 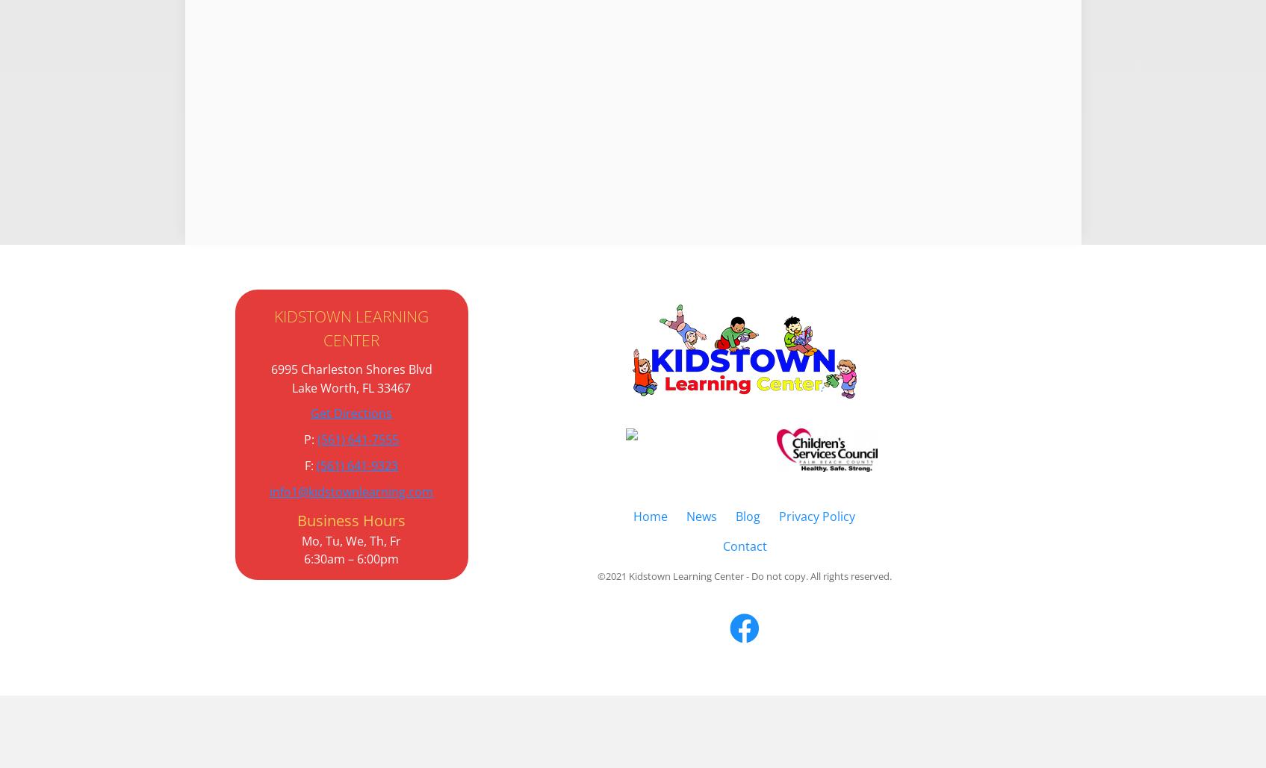 What do you see at coordinates (686, 516) in the screenshot?
I see `'News'` at bounding box center [686, 516].